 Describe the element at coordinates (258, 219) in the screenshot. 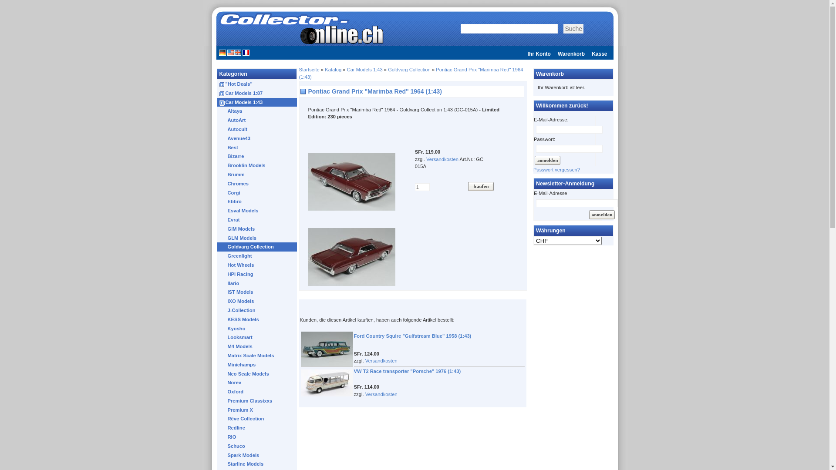

I see `'Evrat'` at that location.